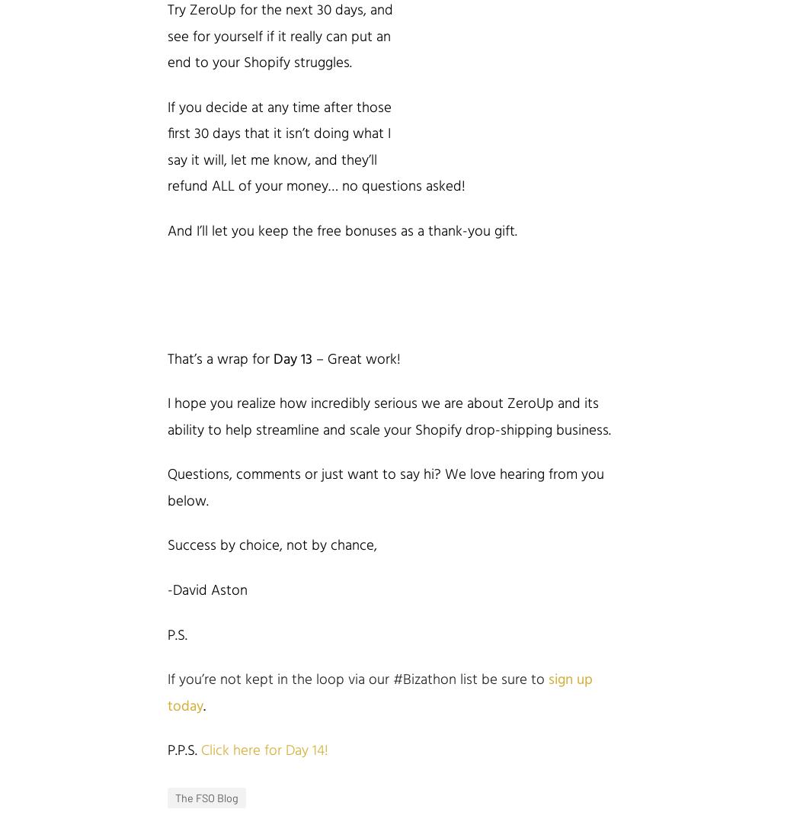 The width and height of the screenshot is (800, 822). Describe the element at coordinates (271, 545) in the screenshot. I see `'Success by choice, not by chance,'` at that location.